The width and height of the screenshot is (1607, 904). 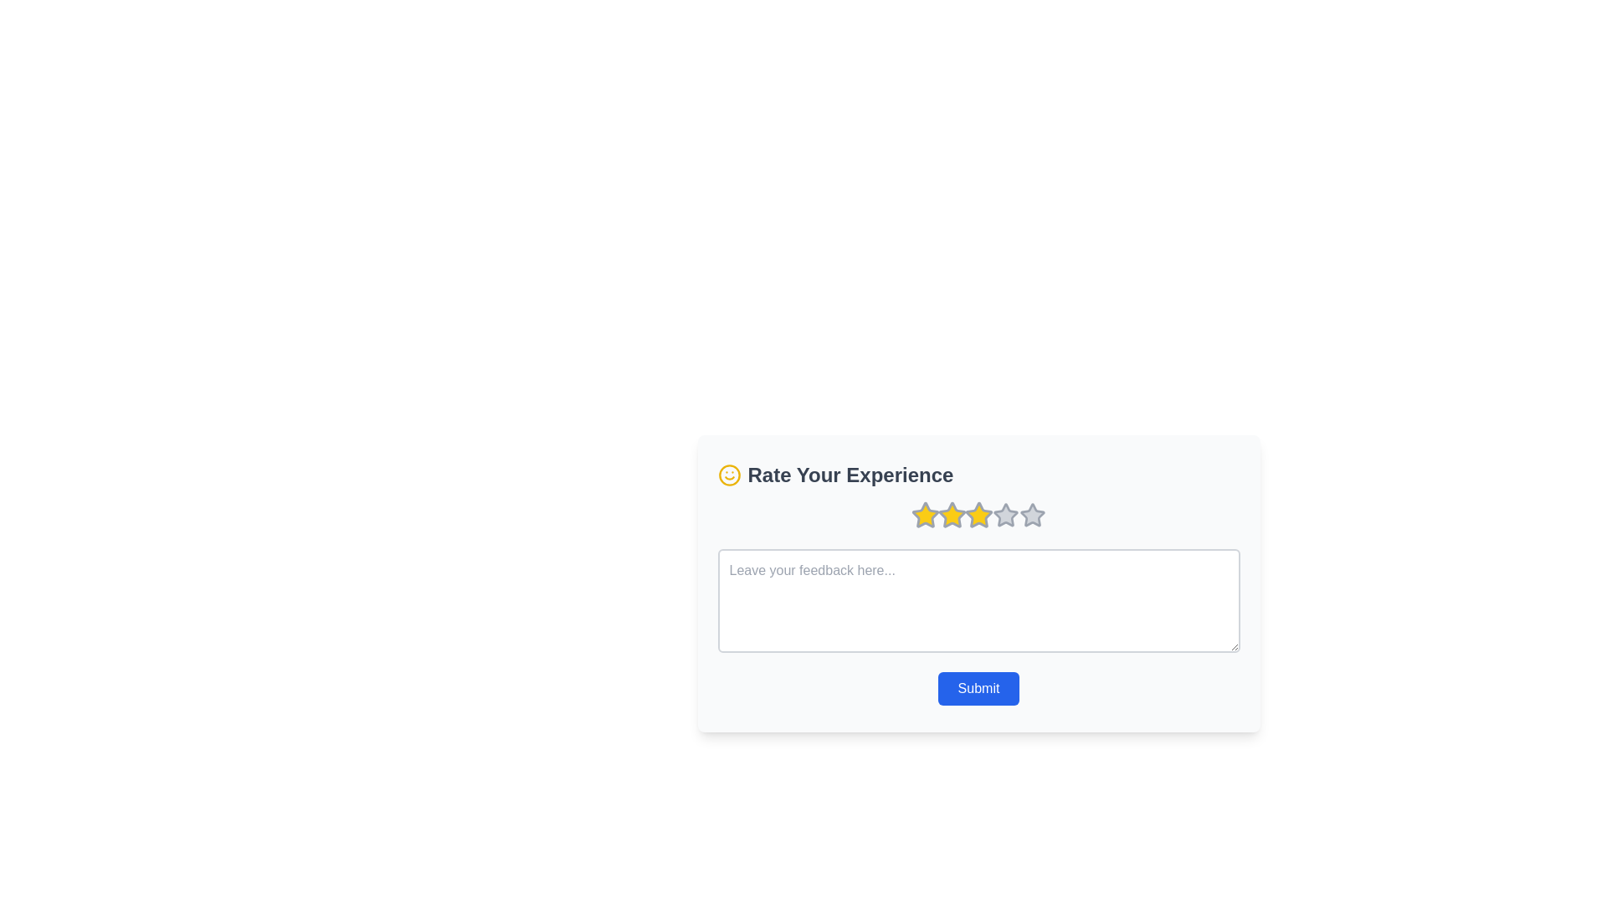 What do you see at coordinates (952, 514) in the screenshot?
I see `the second star icon from the left in the rating control` at bounding box center [952, 514].